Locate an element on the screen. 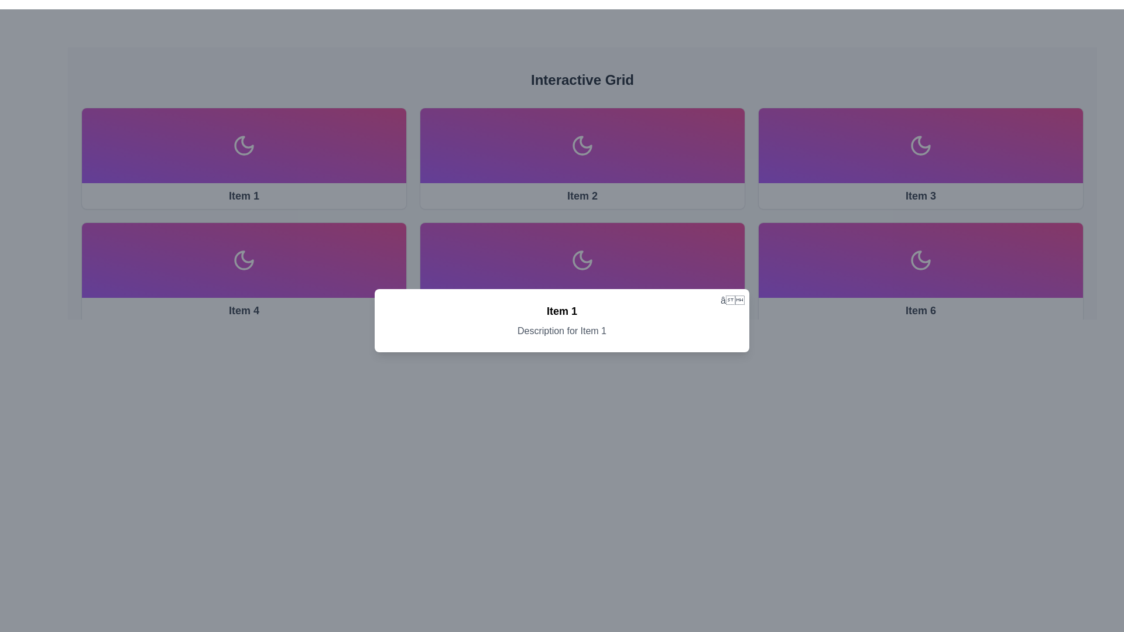 The width and height of the screenshot is (1124, 632). the interactive card located in the second row, third column of the grid layout via keyboard navigation is located at coordinates (920, 273).